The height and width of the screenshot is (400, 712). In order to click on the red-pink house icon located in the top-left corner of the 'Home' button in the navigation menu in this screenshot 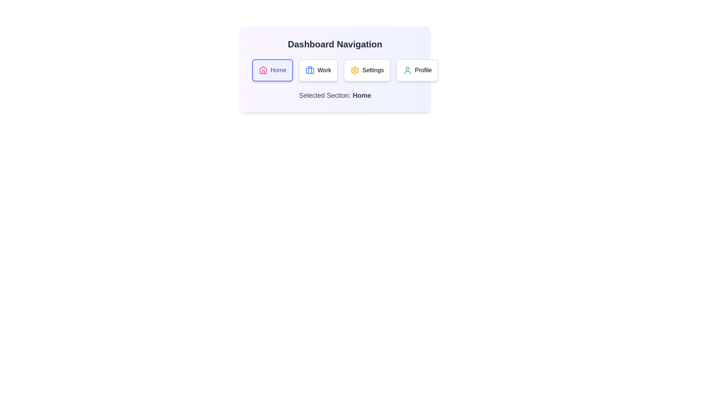, I will do `click(263, 70)`.